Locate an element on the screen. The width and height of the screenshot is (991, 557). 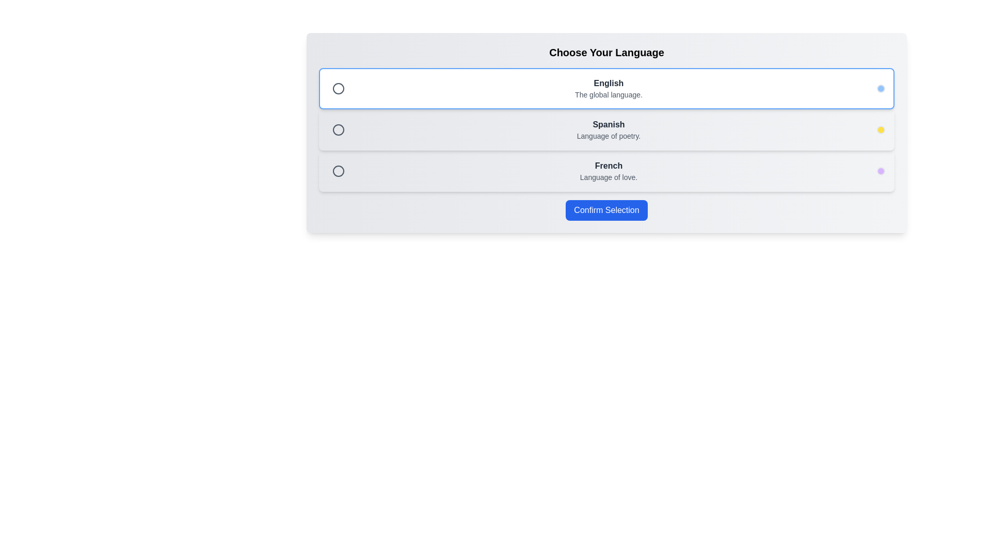
the circular icon with a dark gray border located next to the text 'French' is located at coordinates (339, 170).